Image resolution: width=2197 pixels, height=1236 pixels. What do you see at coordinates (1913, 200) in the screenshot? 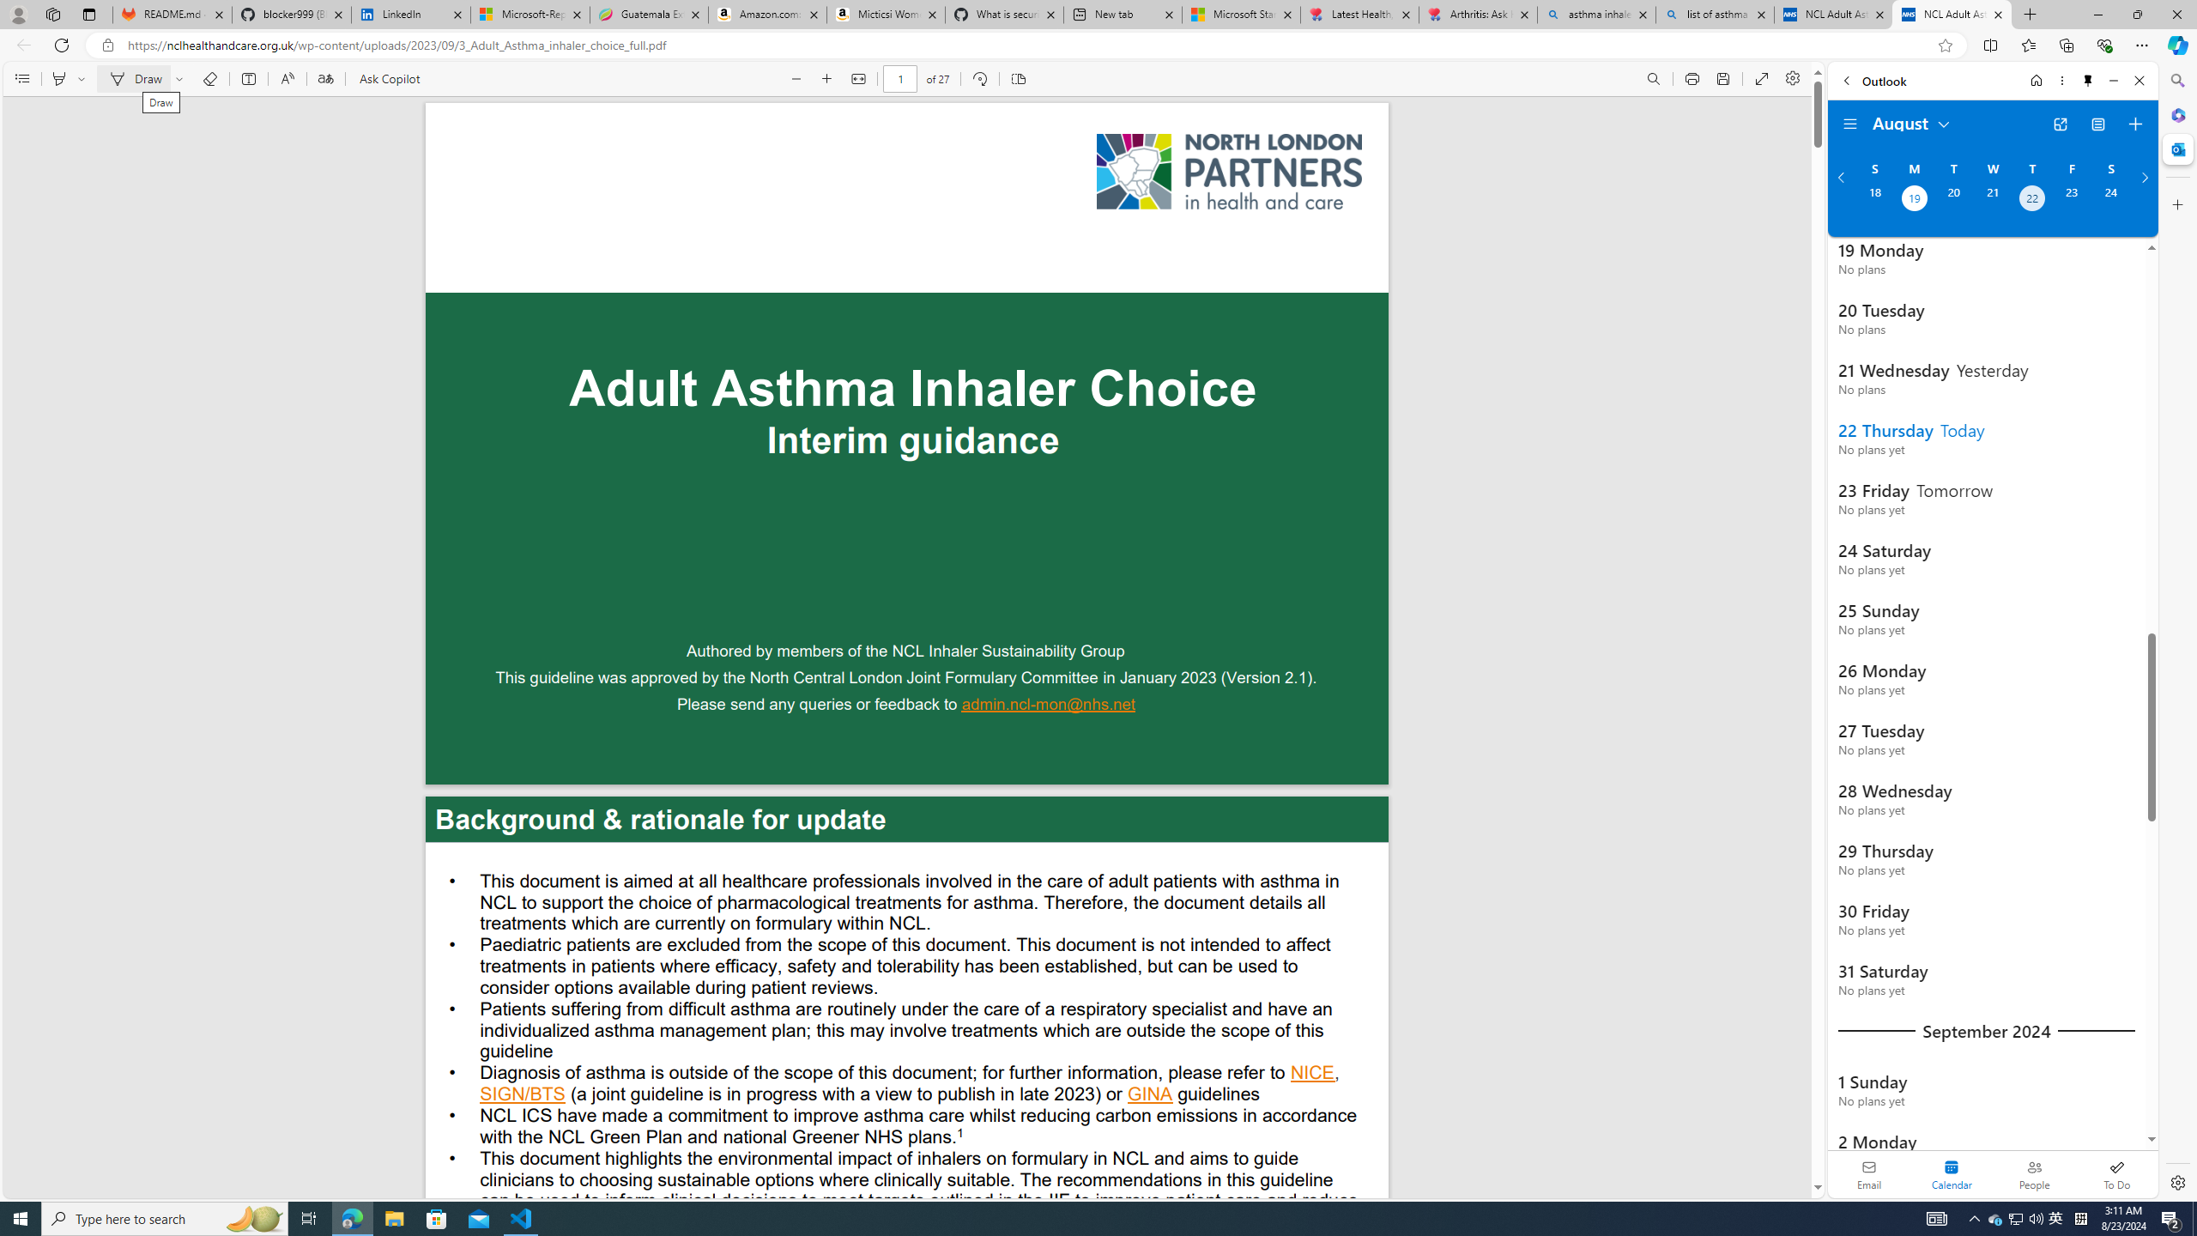
I see `'Monday, August 19, 2024. Date selected. '` at bounding box center [1913, 200].